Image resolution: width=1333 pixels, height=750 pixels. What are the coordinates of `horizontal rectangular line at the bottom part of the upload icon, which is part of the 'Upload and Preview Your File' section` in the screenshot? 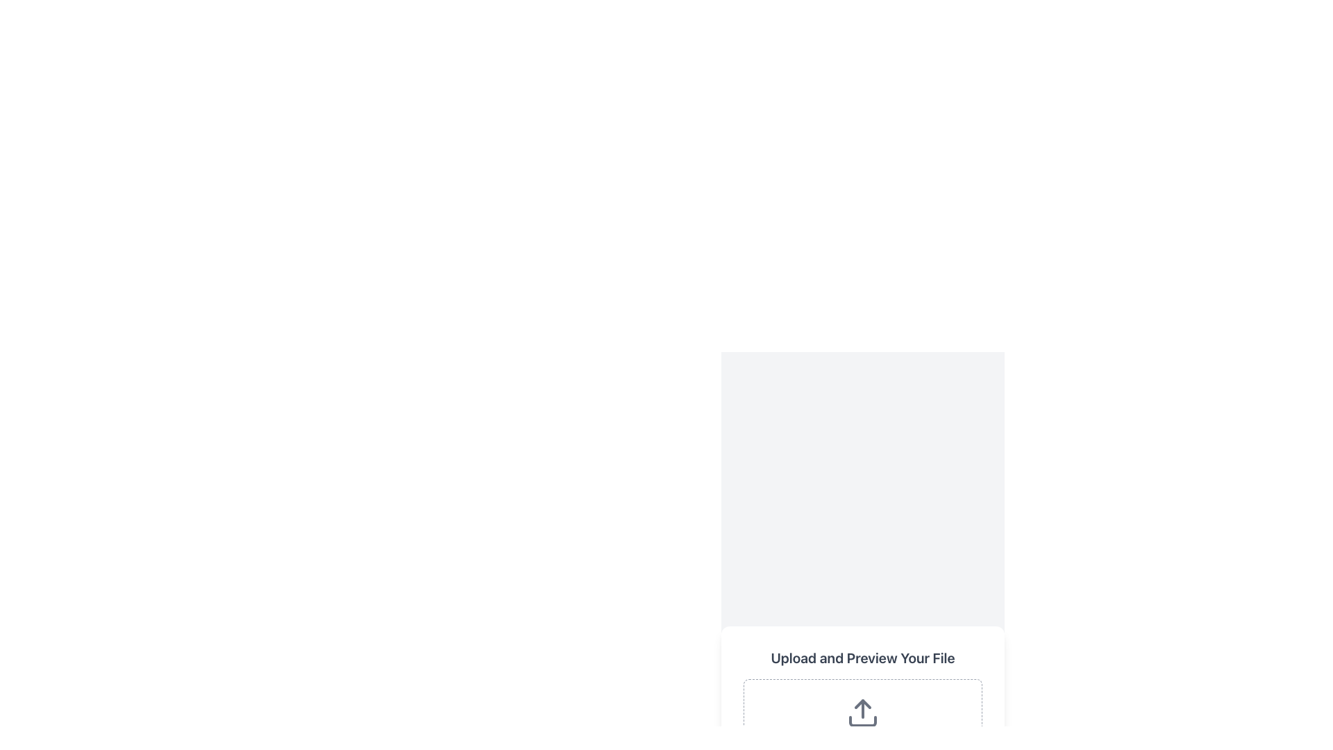 It's located at (862, 720).